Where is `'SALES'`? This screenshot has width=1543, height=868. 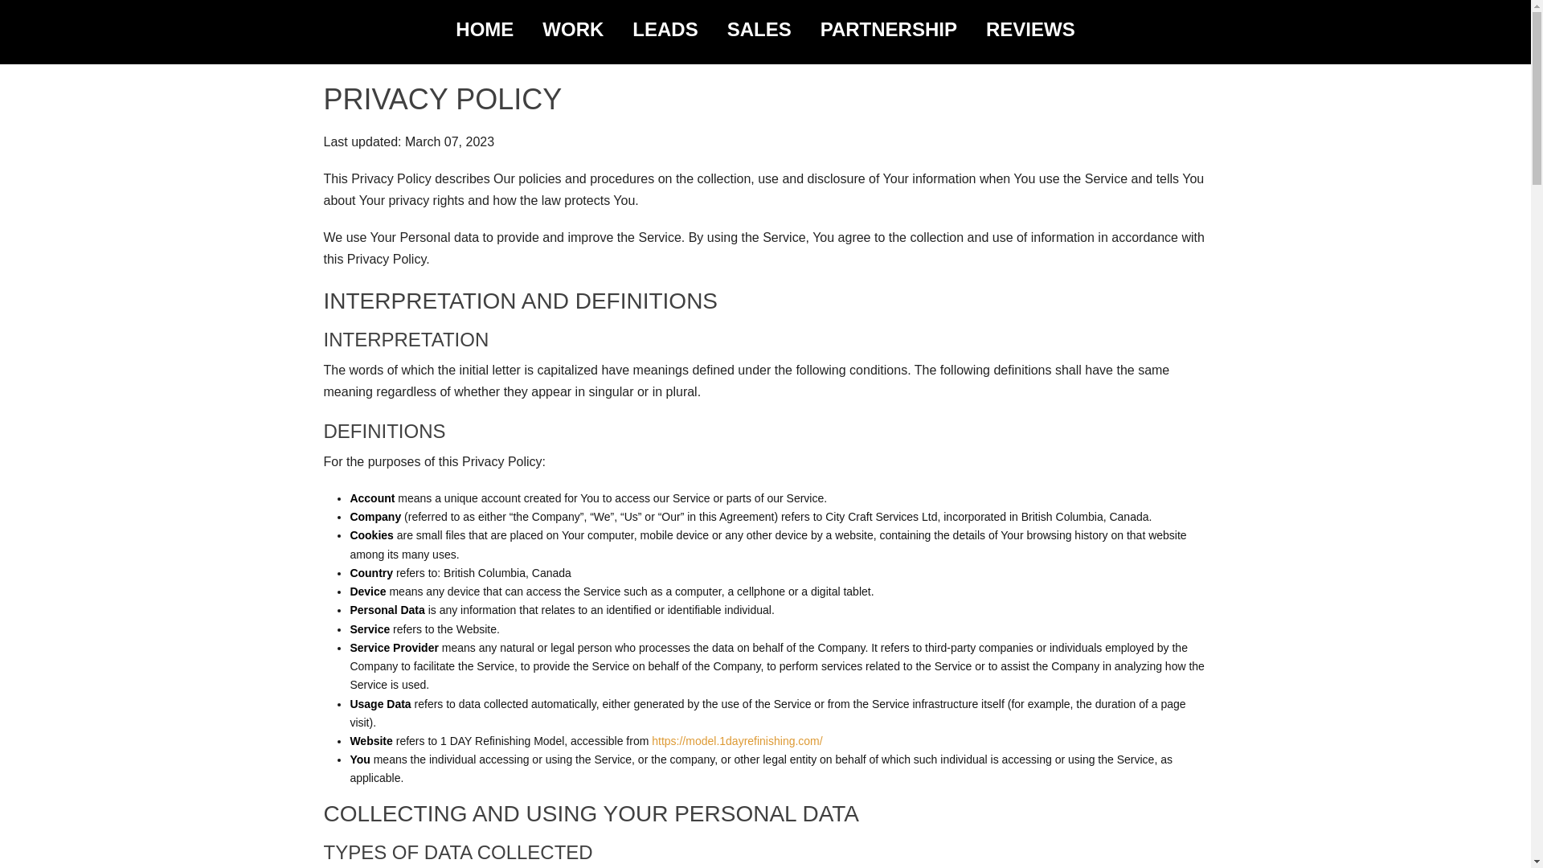
'SALES' is located at coordinates (759, 30).